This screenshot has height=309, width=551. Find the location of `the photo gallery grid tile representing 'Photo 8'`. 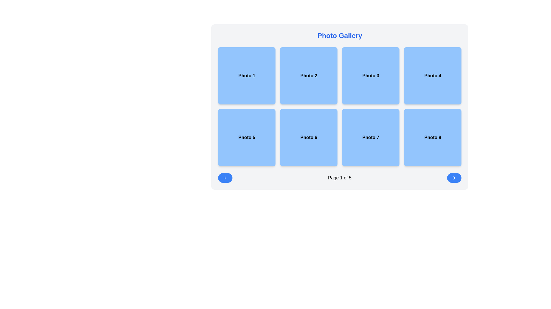

the photo gallery grid tile representing 'Photo 8' is located at coordinates (432, 138).